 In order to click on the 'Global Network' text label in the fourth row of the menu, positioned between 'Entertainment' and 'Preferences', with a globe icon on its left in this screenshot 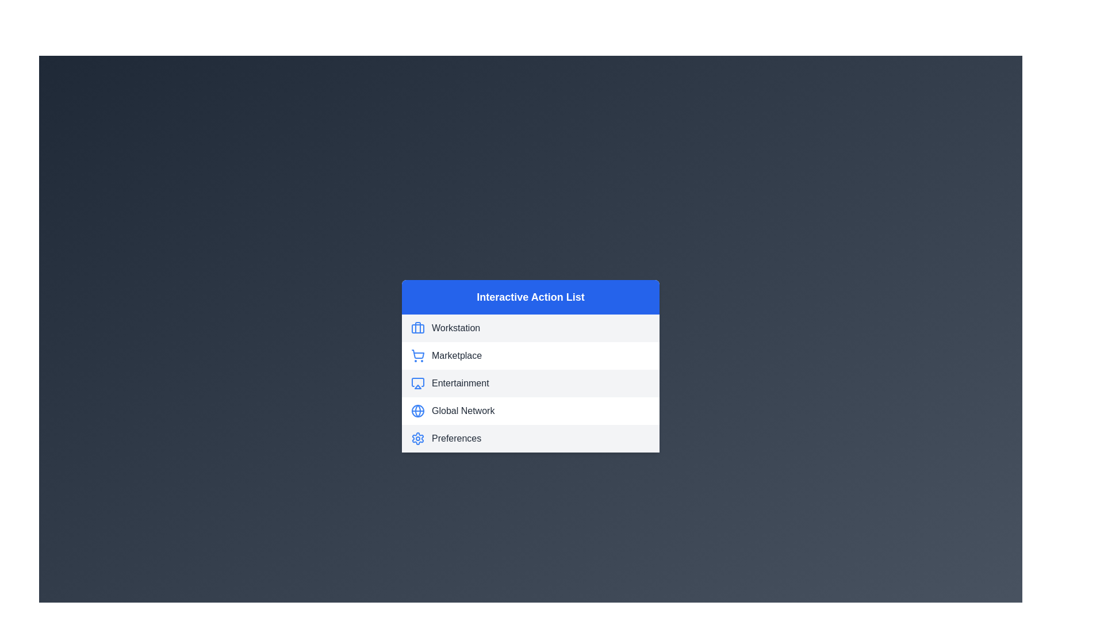, I will do `click(463, 410)`.